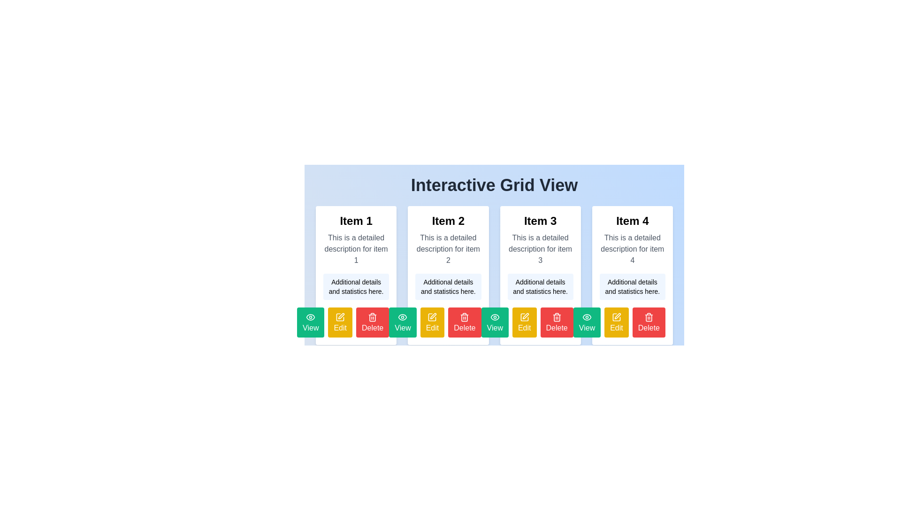 The image size is (901, 507). Describe the element at coordinates (587, 317) in the screenshot. I see `the eye icon within the 'View' button located under 'Item 3' card` at that location.